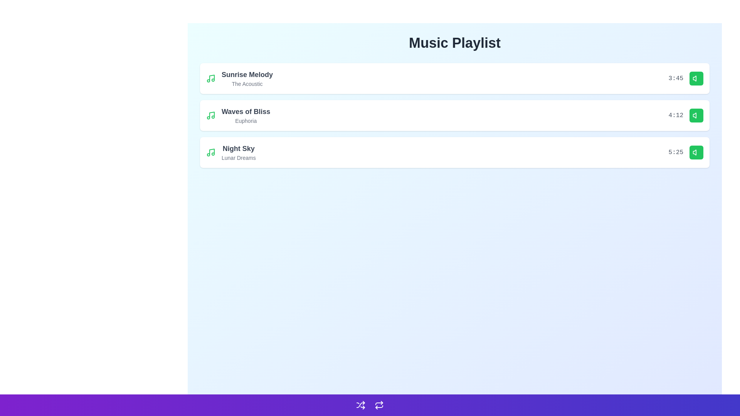 This screenshot has width=740, height=416. Describe the element at coordinates (455, 43) in the screenshot. I see `the header text element located at the top of the interface, which serves as the title for the page` at that location.